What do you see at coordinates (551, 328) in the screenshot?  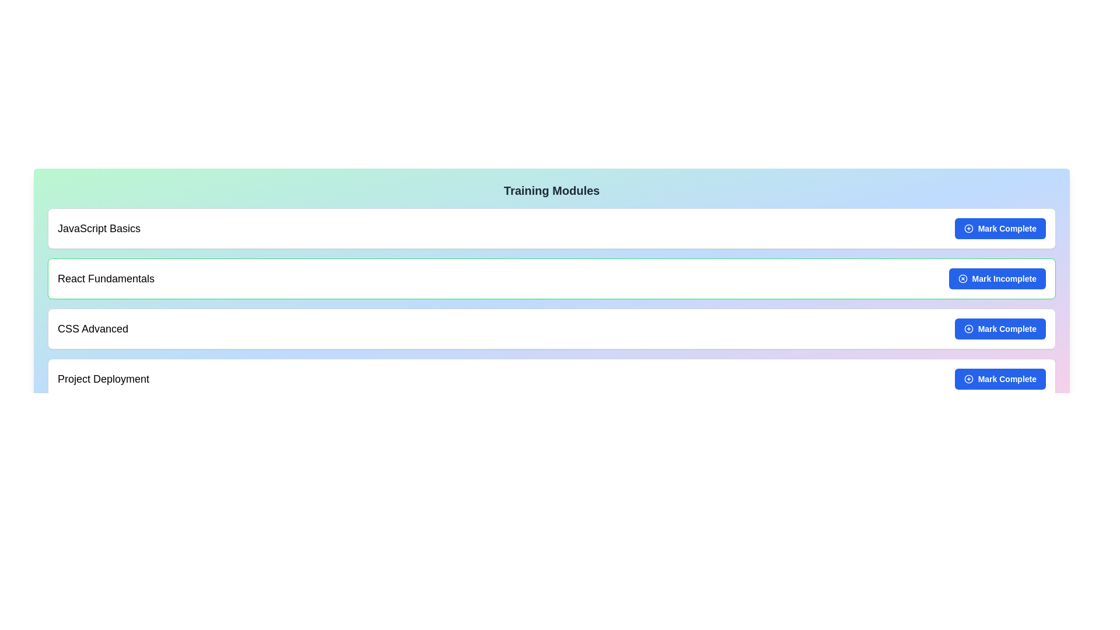 I see `module title from the section labeled 'CSS Advanced' which contains a button labeled 'Mark Complete' on the far right` at bounding box center [551, 328].